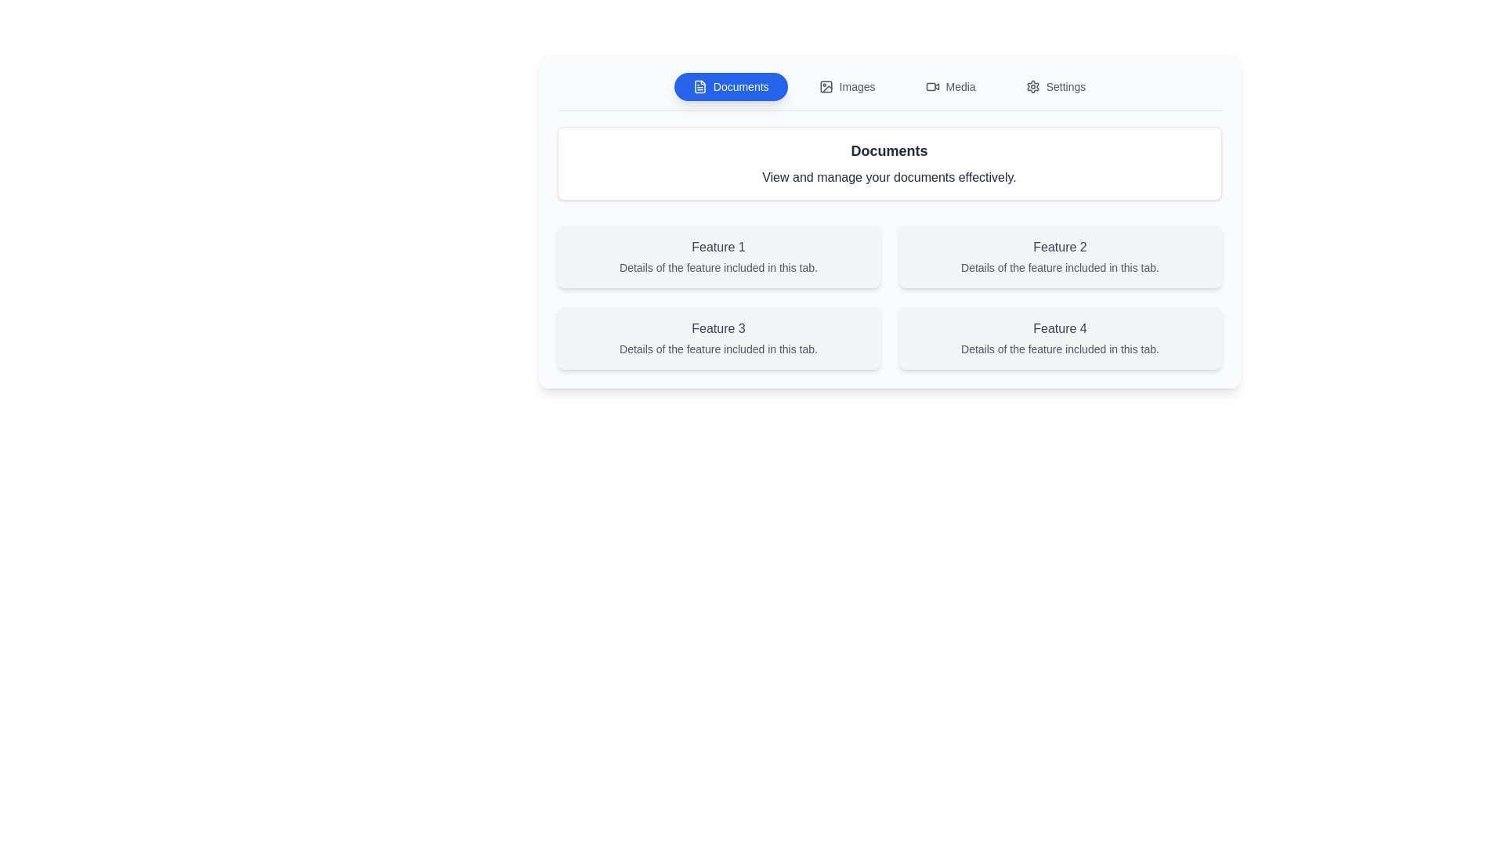 Image resolution: width=1504 pixels, height=846 pixels. I want to click on the file icon resembling a rectangular boundary with a fold on the top-right corner, located near the top-left corner of the application's interface, closely linked to the 'Documents' navigation tab, so click(699, 87).